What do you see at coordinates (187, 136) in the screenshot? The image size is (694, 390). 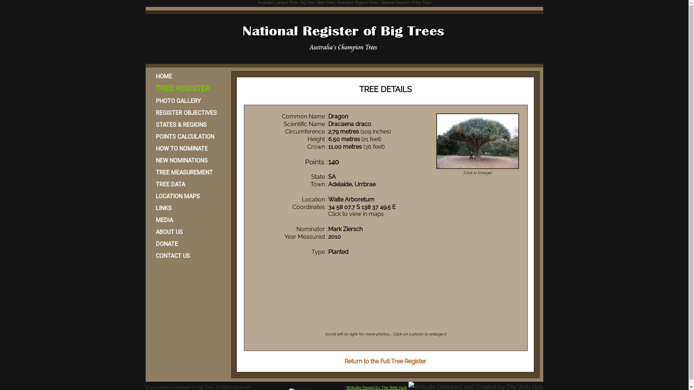 I see `'POINTS CALCULATION'` at bounding box center [187, 136].